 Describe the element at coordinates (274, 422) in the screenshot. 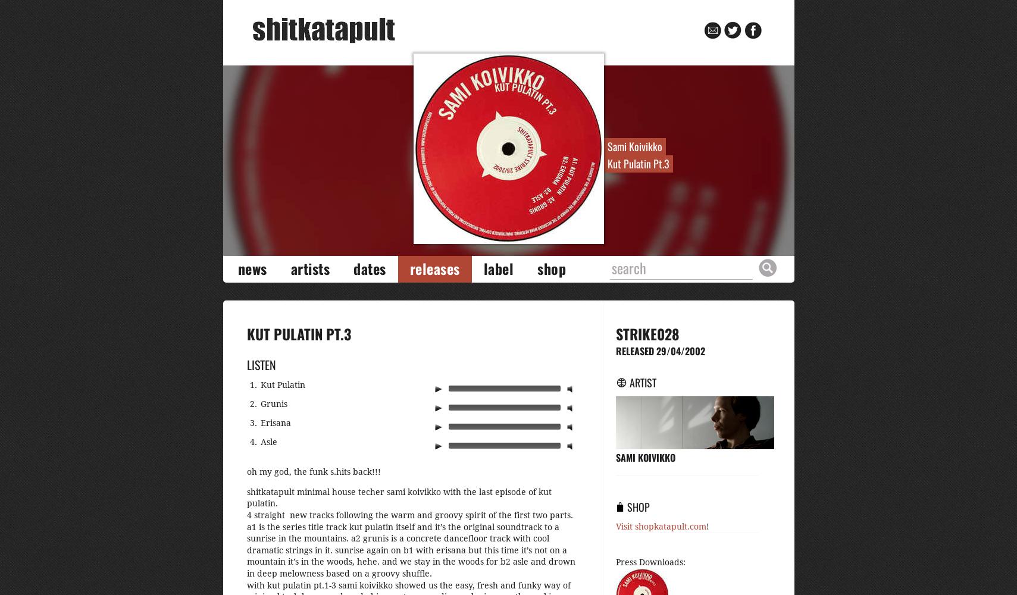

I see `'Erisana'` at that location.